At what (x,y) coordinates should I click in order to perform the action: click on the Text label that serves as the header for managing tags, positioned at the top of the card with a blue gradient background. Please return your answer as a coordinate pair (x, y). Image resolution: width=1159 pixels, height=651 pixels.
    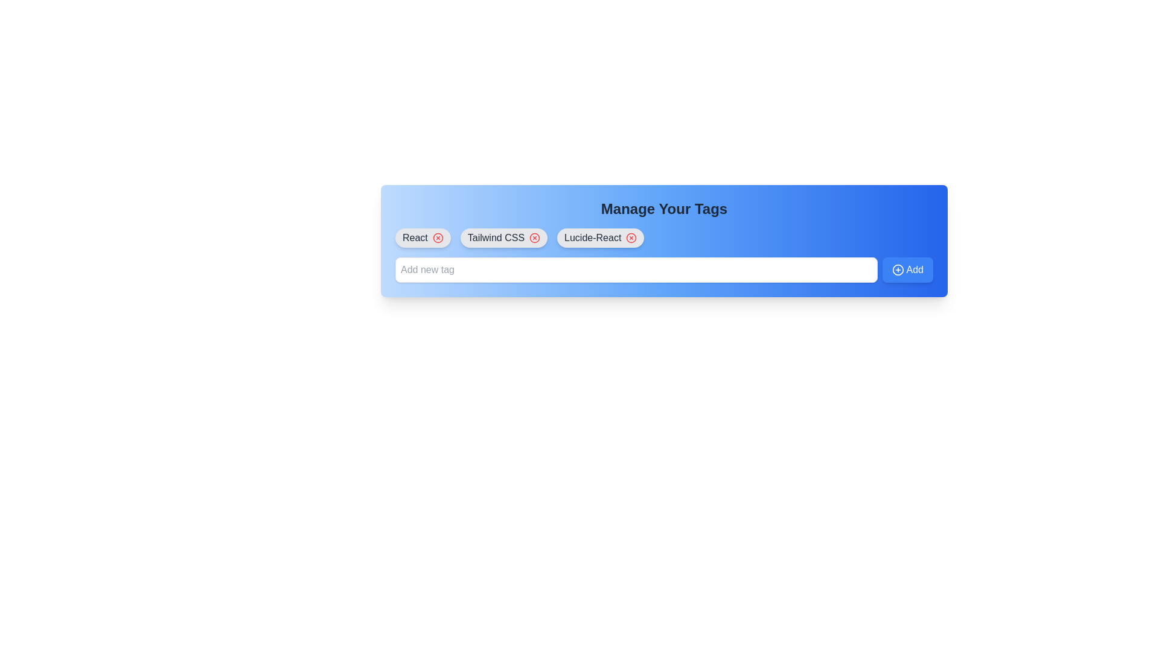
    Looking at the image, I should click on (663, 209).